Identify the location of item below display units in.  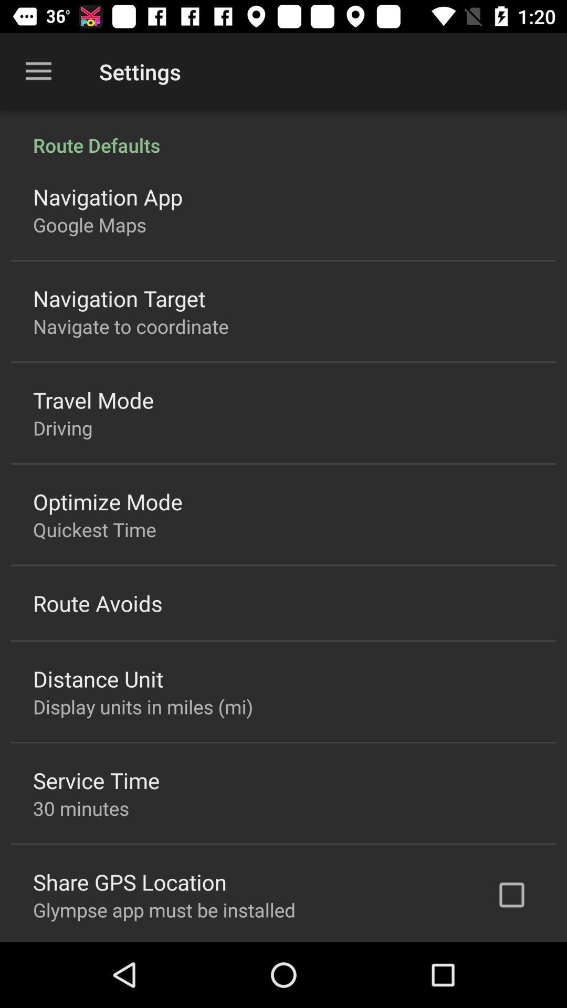
(96, 780).